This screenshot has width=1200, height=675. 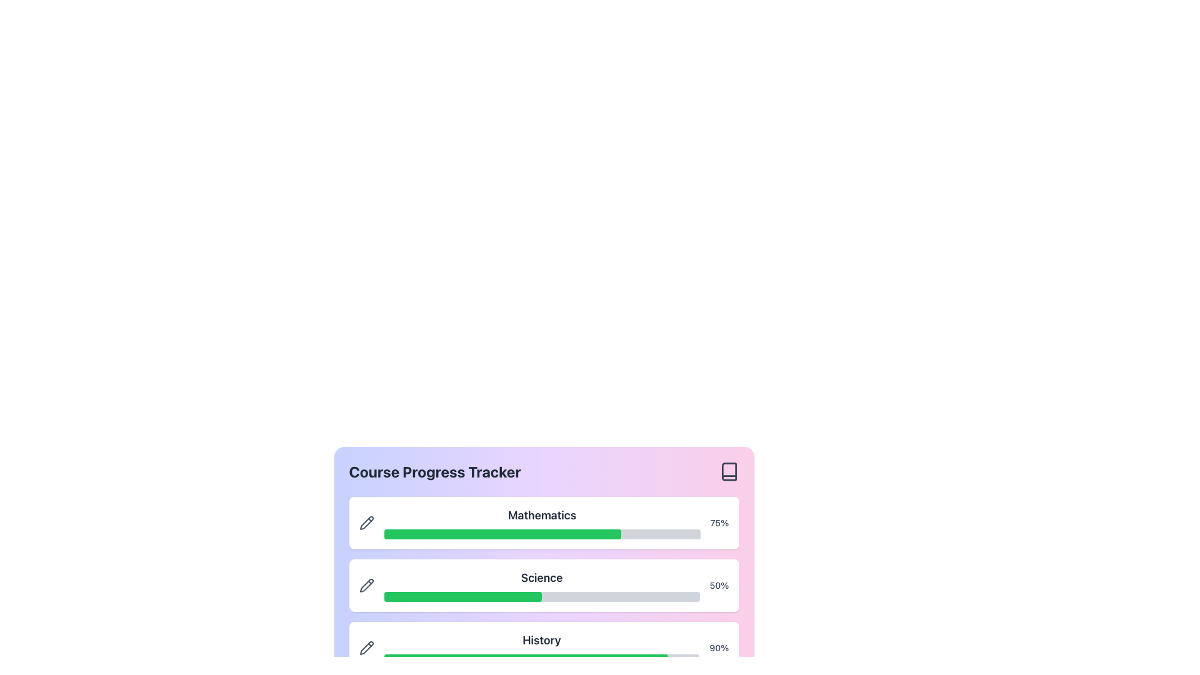 I want to click on the Text label displaying 'Mathematics', which indicates the subject associated with the progress bar, so click(x=542, y=516).